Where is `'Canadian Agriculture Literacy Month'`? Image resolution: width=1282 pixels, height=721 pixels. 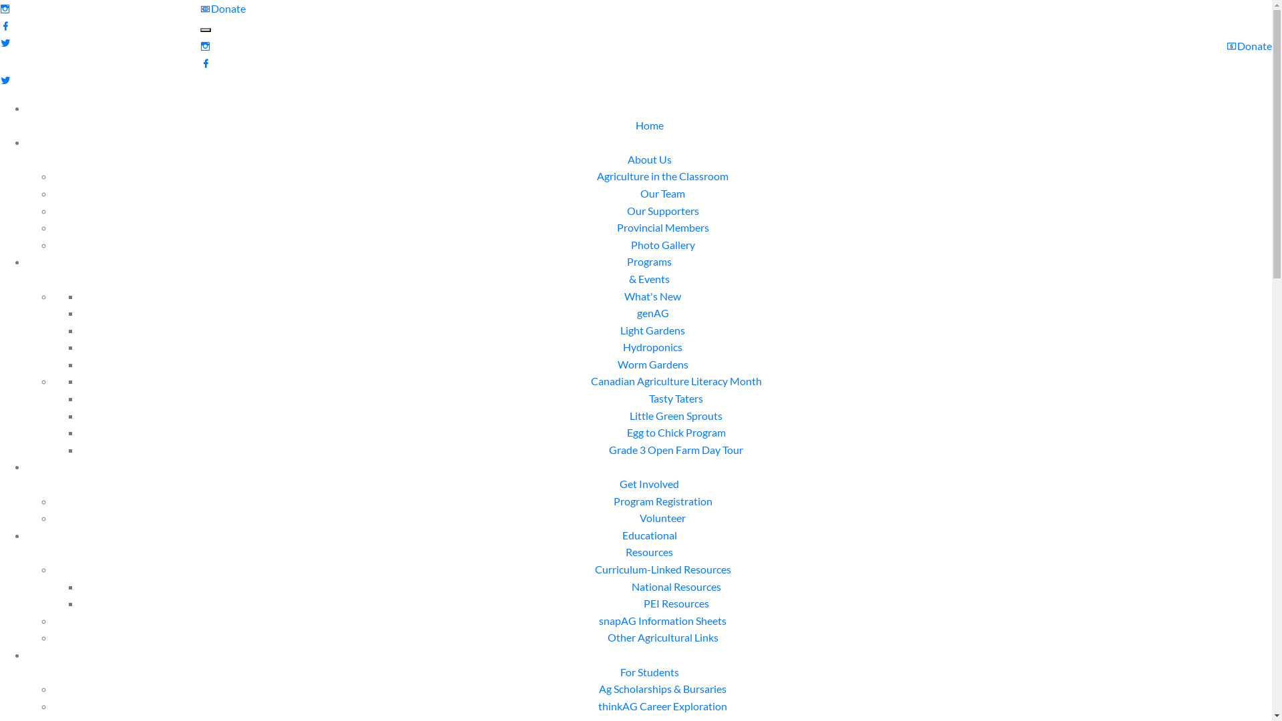 'Canadian Agriculture Literacy Month' is located at coordinates (589, 381).